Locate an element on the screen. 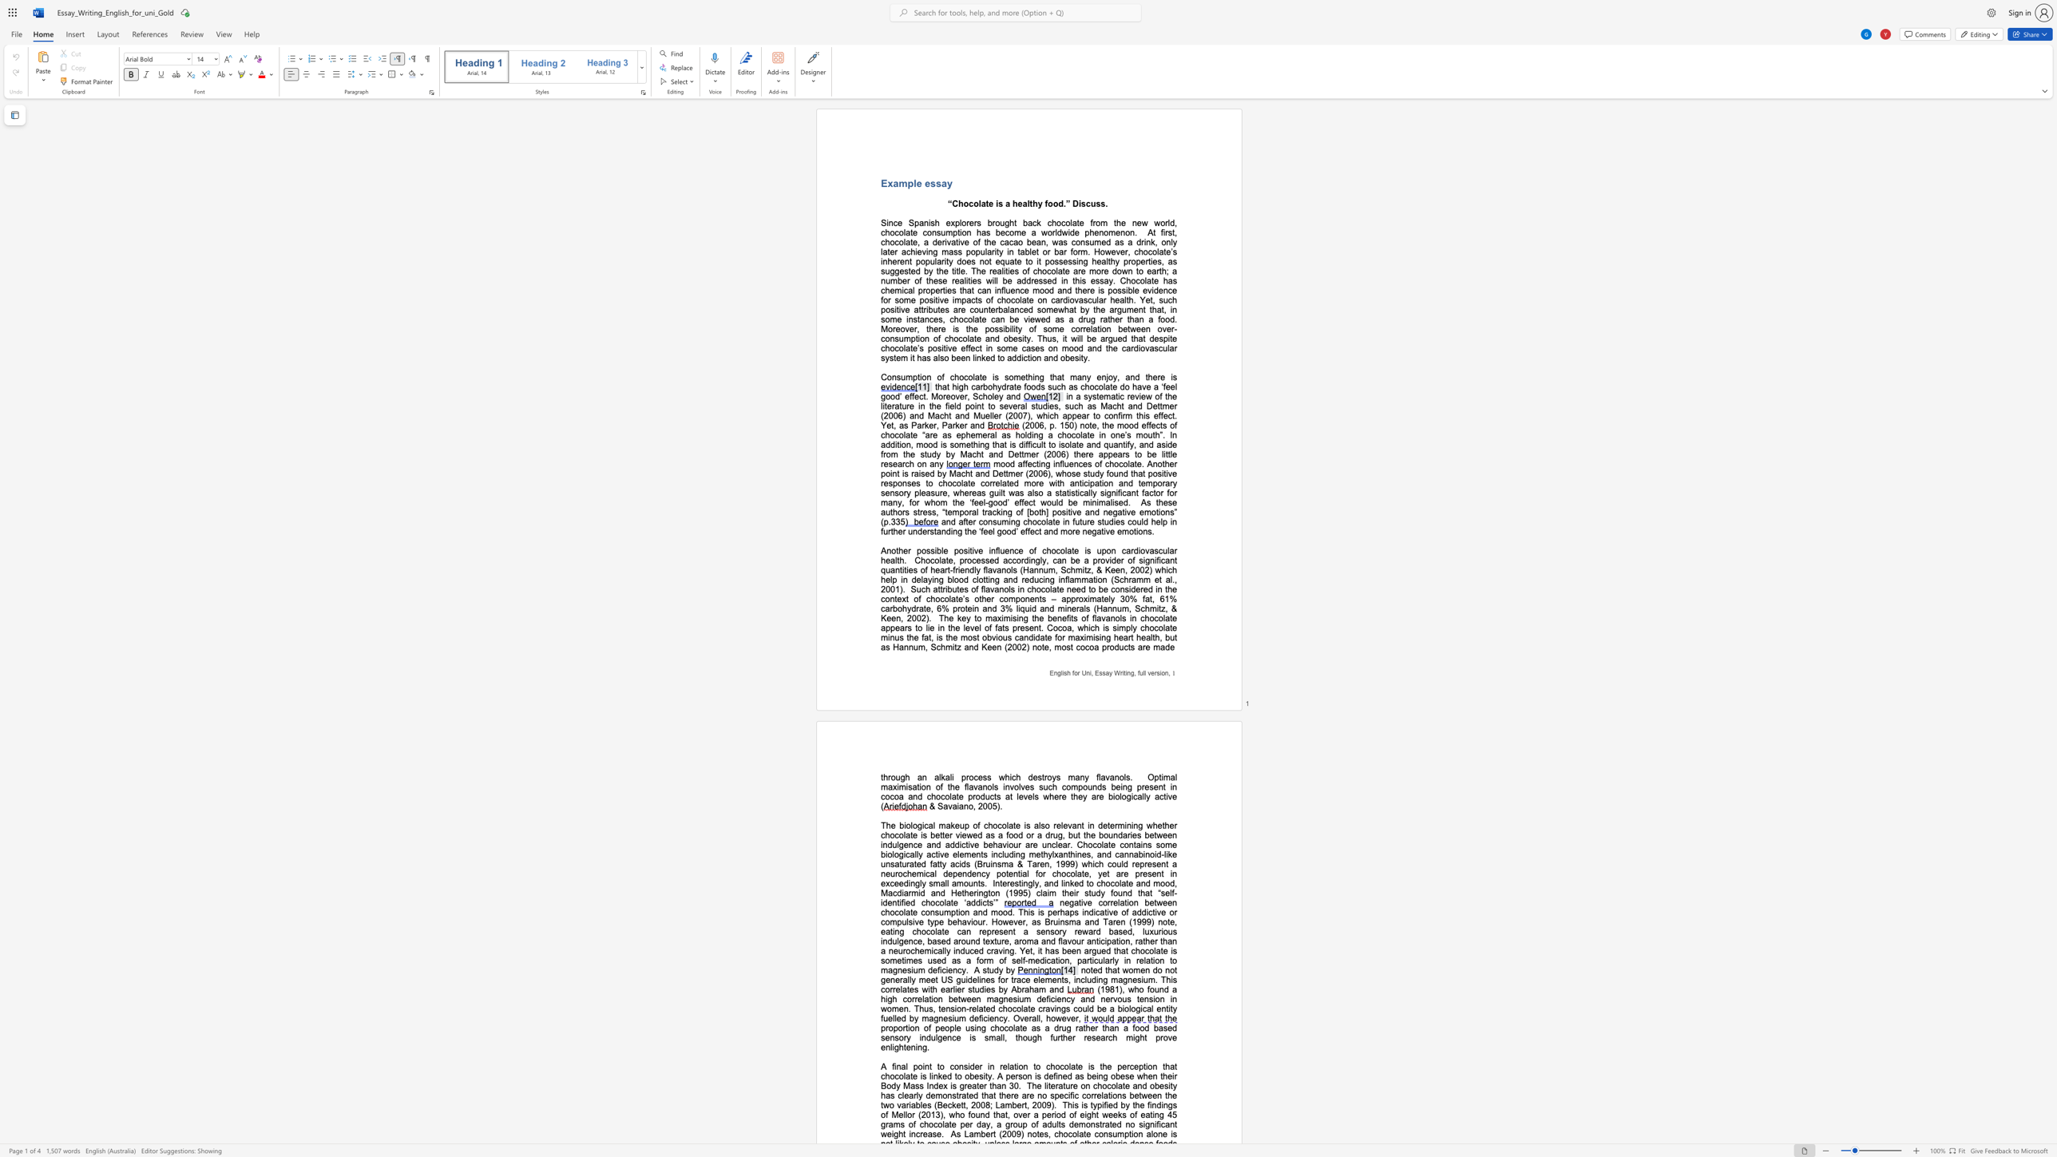 This screenshot has width=2057, height=1157. the subset text "s many flavanol" within the text "through an alkali process which destroys many flavanols" is located at coordinates (1056, 776).